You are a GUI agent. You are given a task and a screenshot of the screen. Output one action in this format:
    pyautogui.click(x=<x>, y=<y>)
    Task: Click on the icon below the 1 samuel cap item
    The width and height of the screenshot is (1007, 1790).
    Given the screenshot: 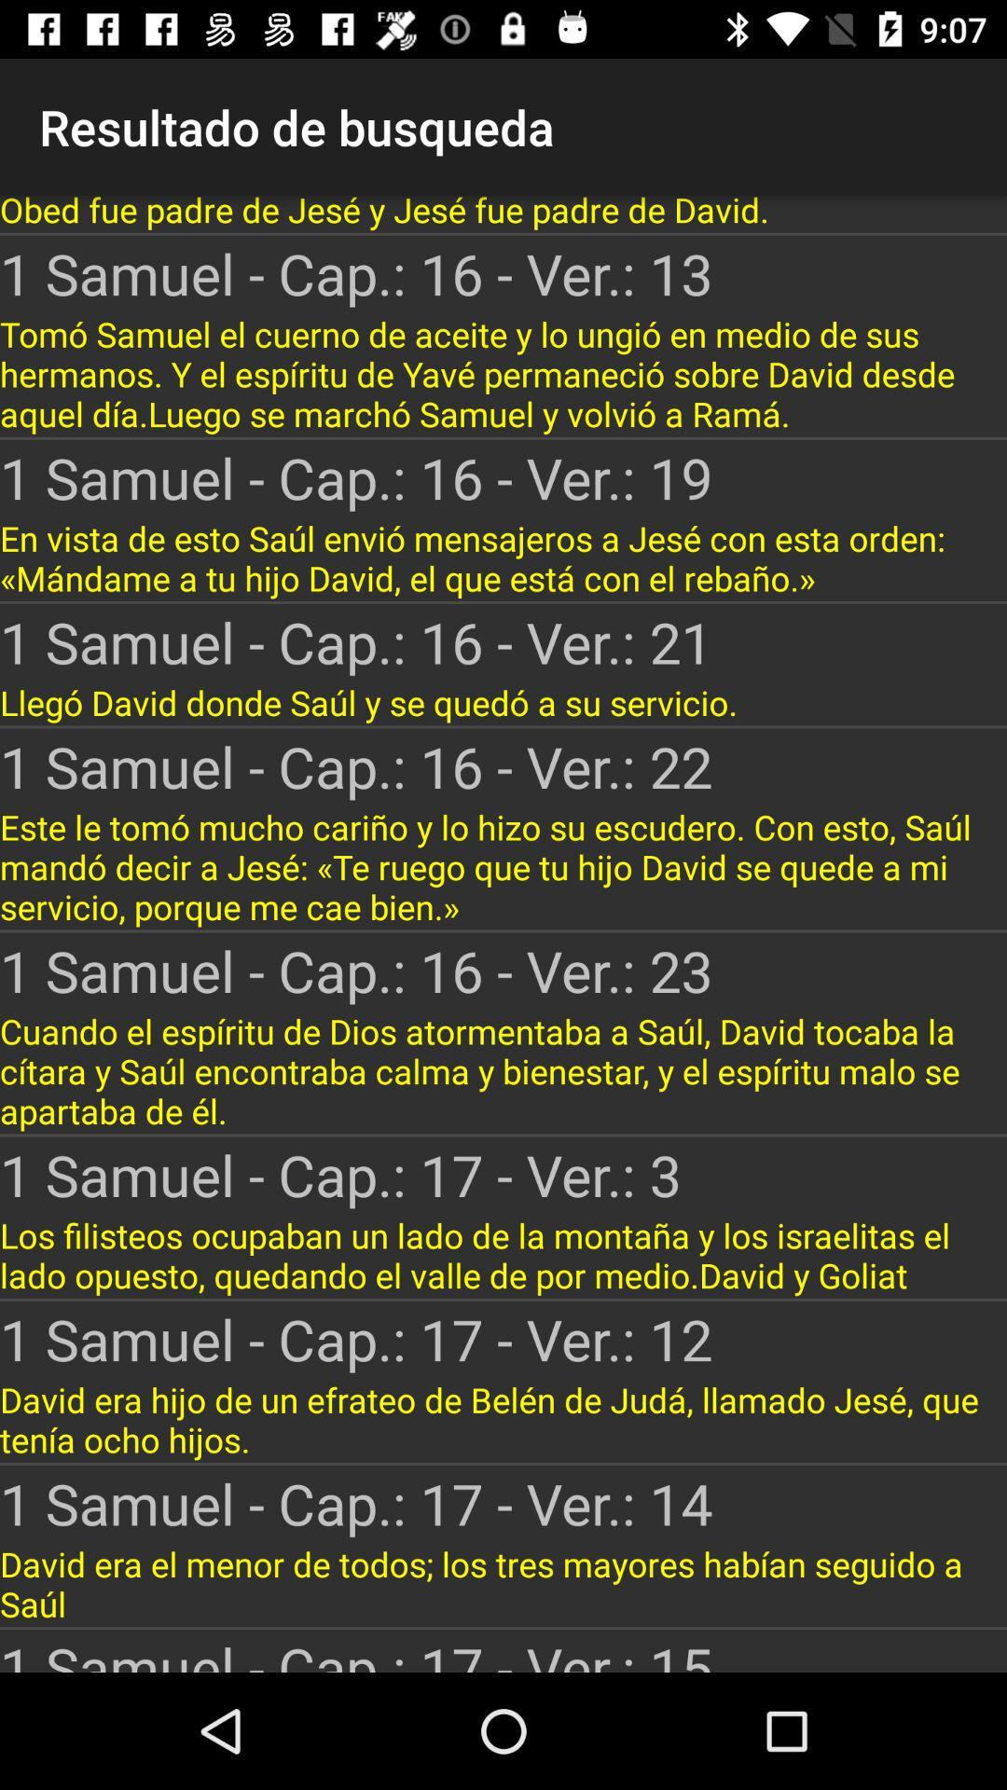 What is the action you would take?
    pyautogui.click(x=504, y=373)
    